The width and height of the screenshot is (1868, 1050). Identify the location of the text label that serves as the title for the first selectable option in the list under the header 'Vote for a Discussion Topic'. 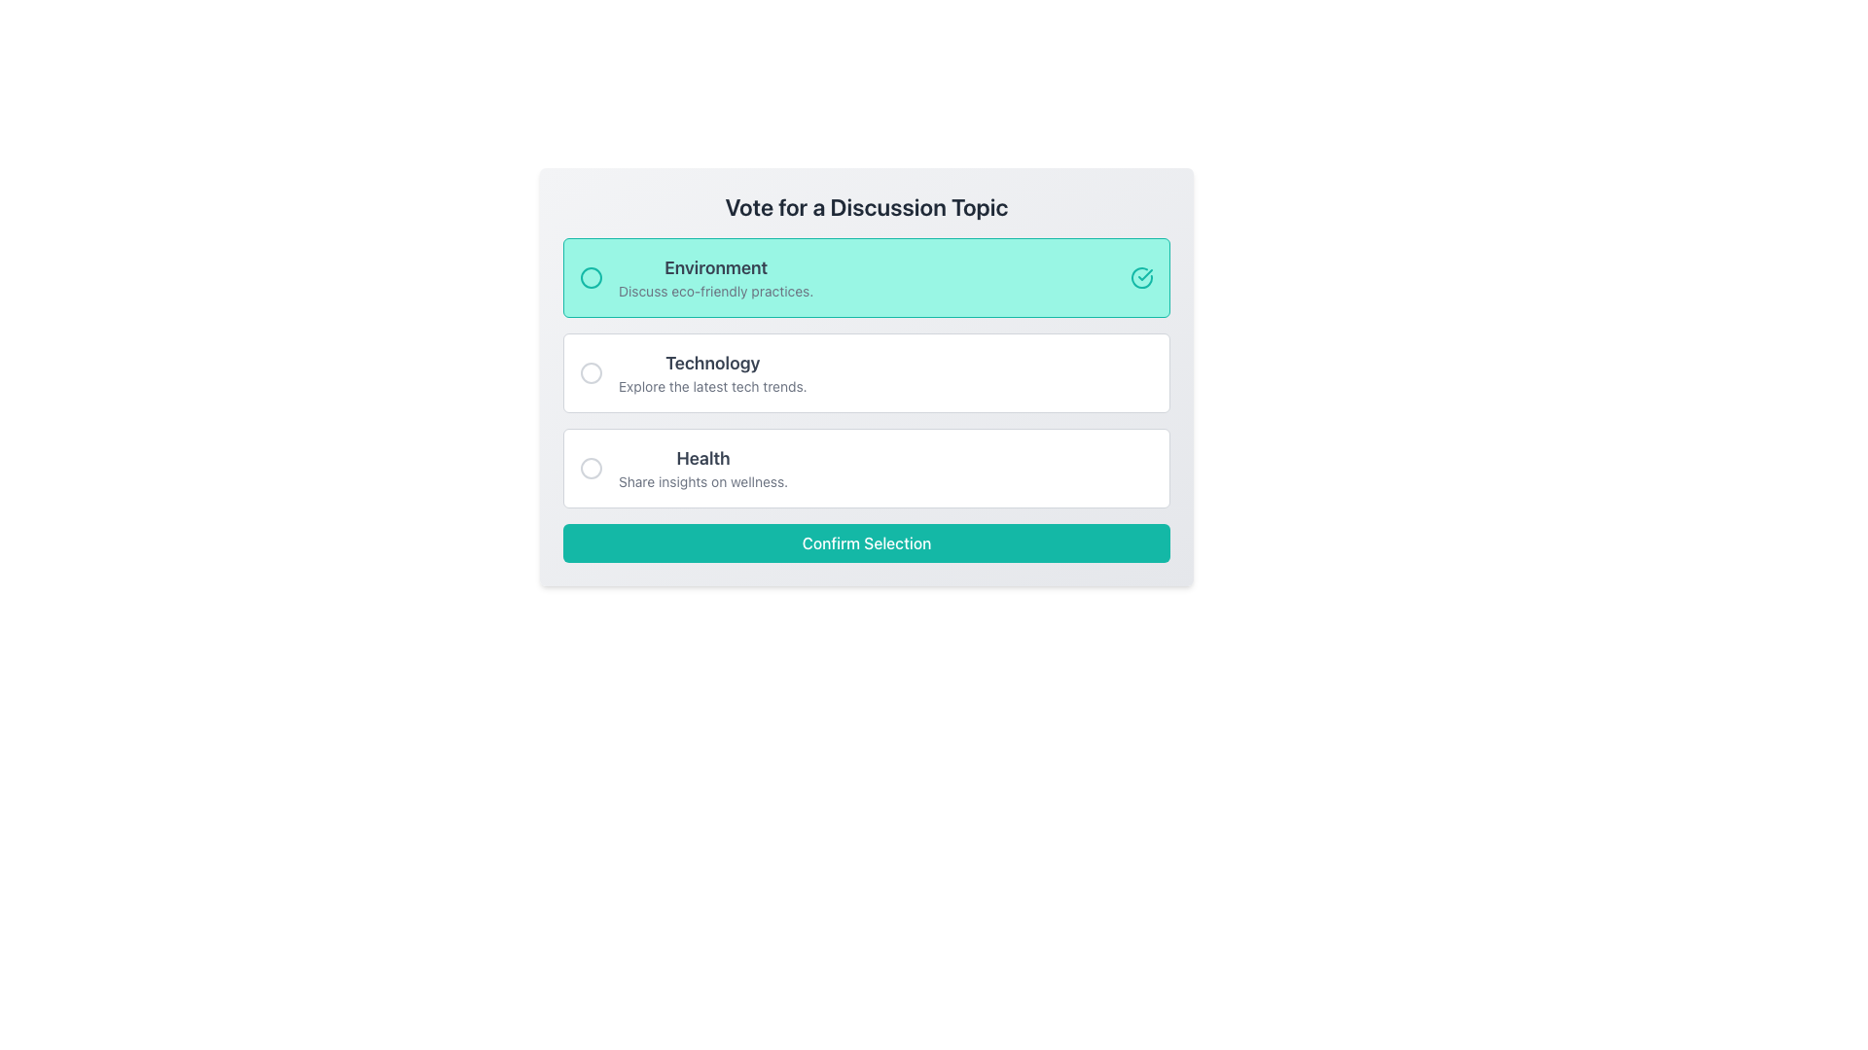
(715, 268).